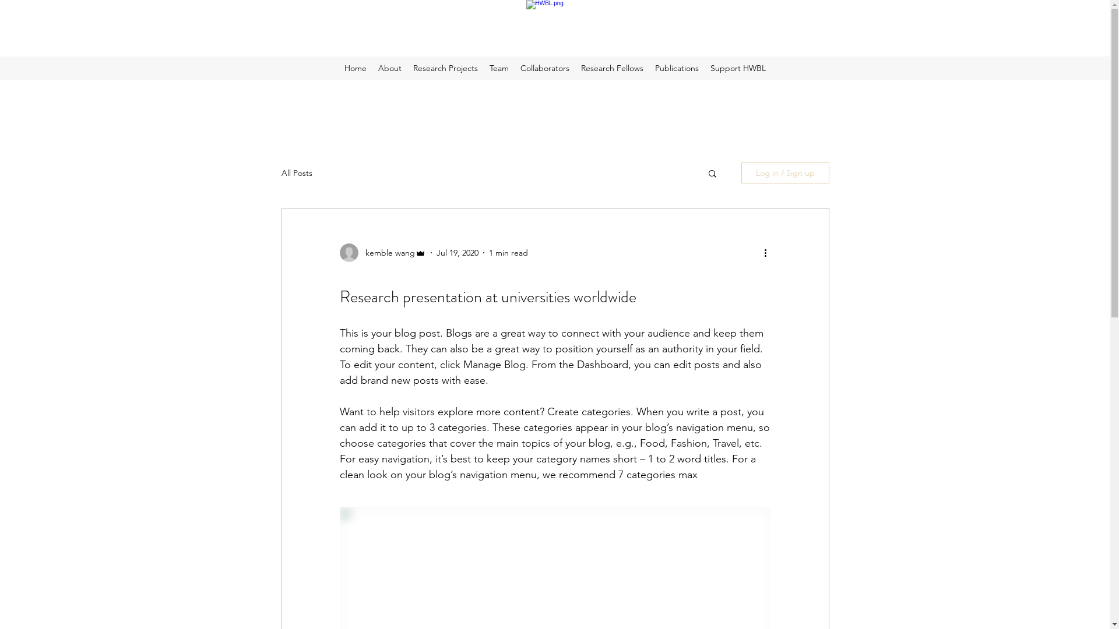 The height and width of the screenshot is (629, 1119). I want to click on 'Support HWBL', so click(737, 68).